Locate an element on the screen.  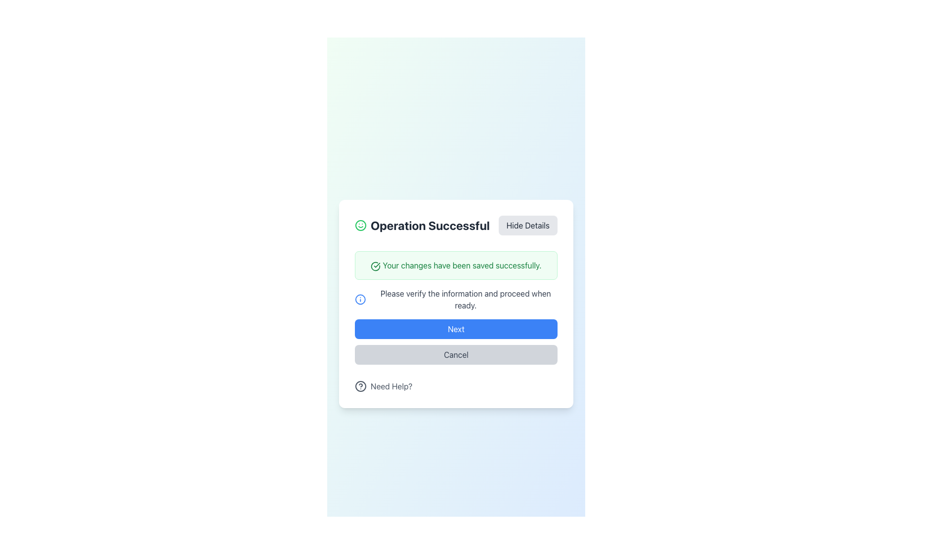
the cancel button located below the blue 'Next' button to observe a background color change is located at coordinates (455, 354).